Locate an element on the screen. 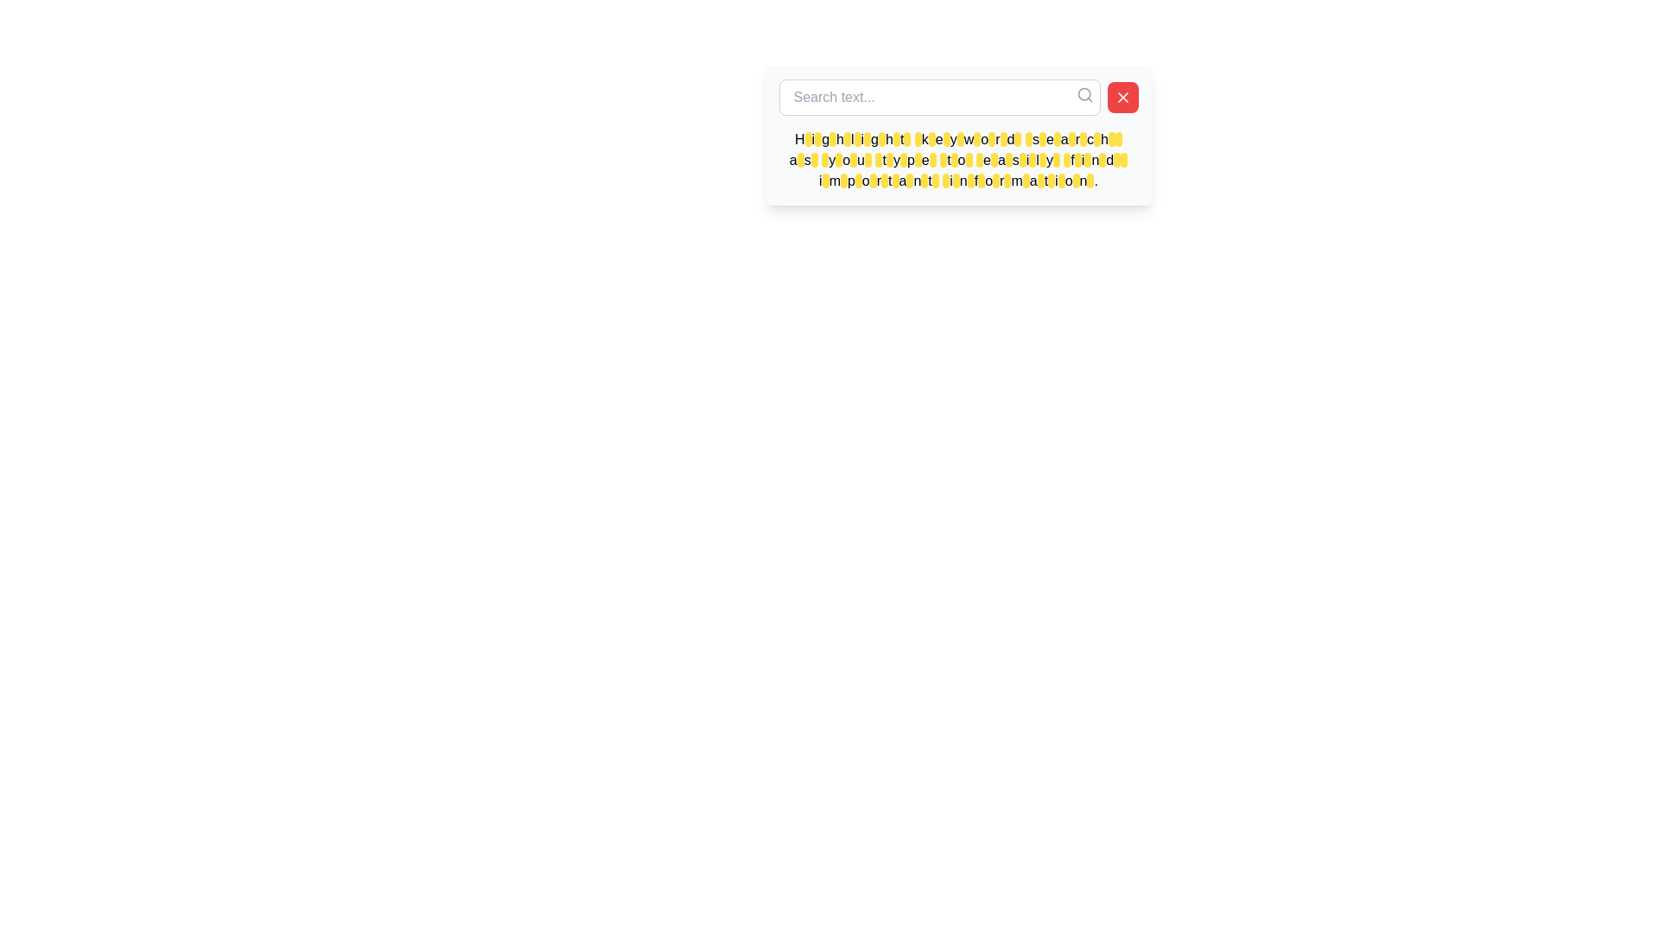 This screenshot has width=1659, height=933. the Text Highlight element which is a small rectangle with a yellow background and black text, positioned within the highlighted phrase 'Highlight keyword search as you type to easily find important information.' is located at coordinates (824, 160).